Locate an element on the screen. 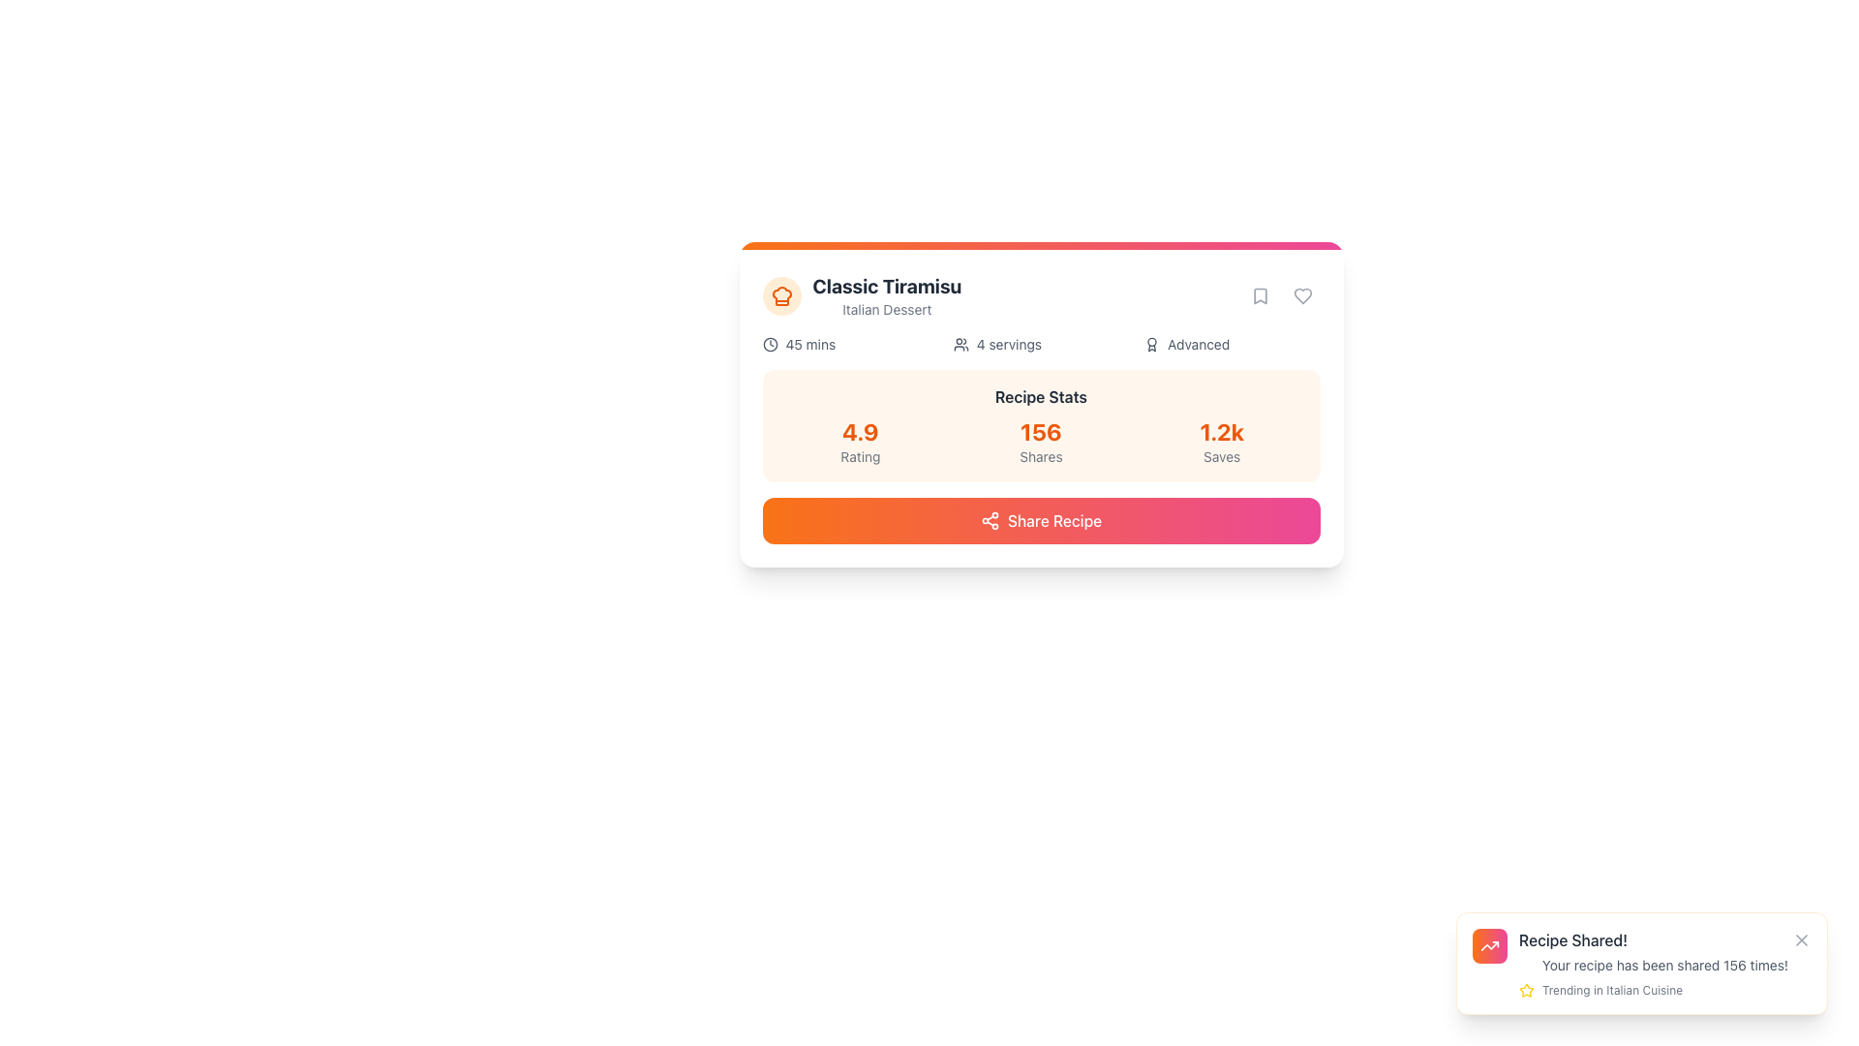  the Icon button located in the top-right corner of the card associated with 'Classic Tiramisu', which represents a bookmarking feature is located at coordinates (1260, 295).